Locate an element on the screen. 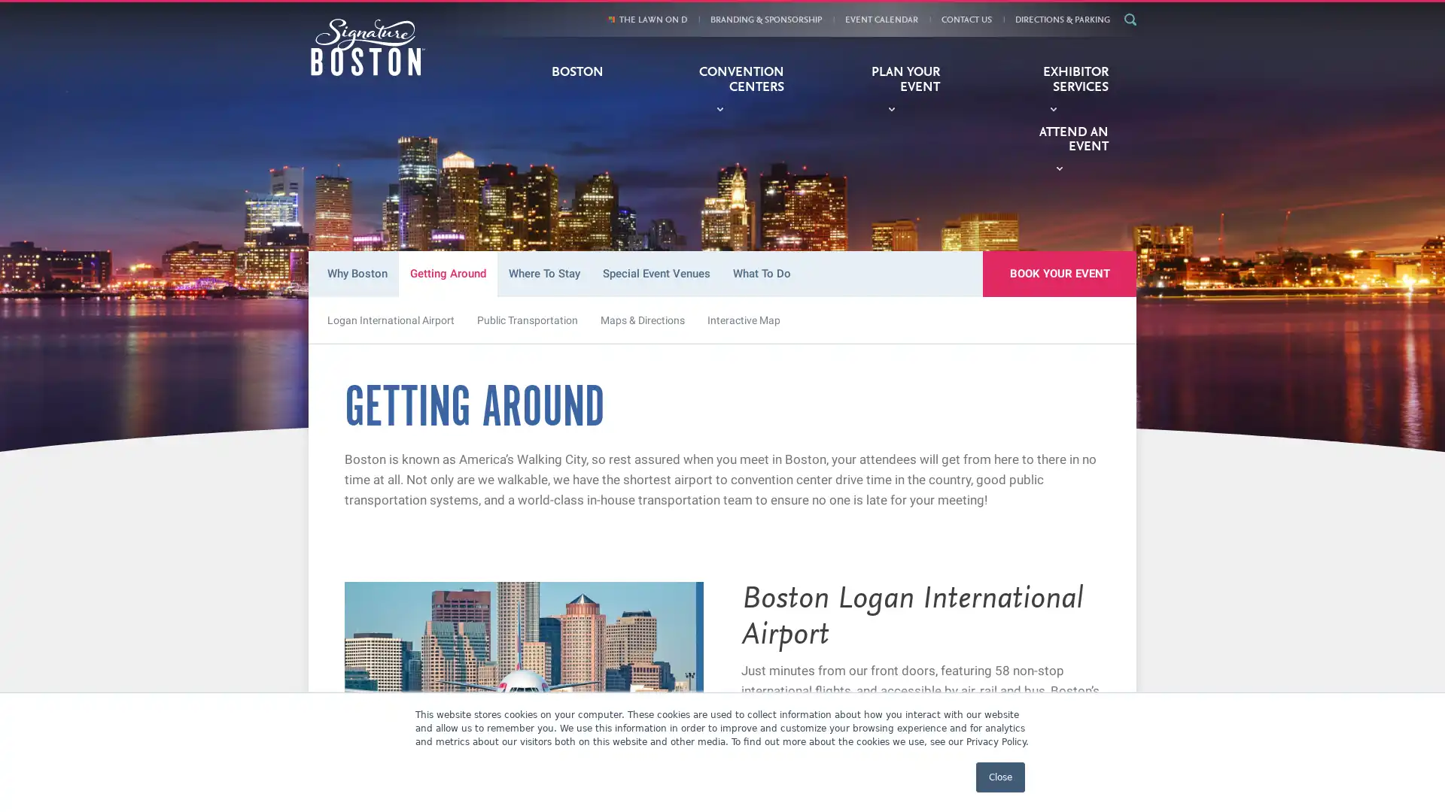 The width and height of the screenshot is (1445, 812). Close is located at coordinates (1000, 777).